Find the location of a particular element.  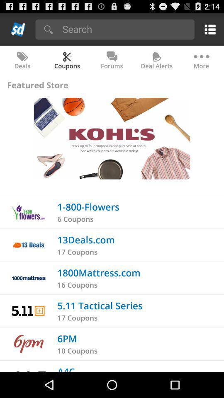

the 10 coupons is located at coordinates (77, 350).